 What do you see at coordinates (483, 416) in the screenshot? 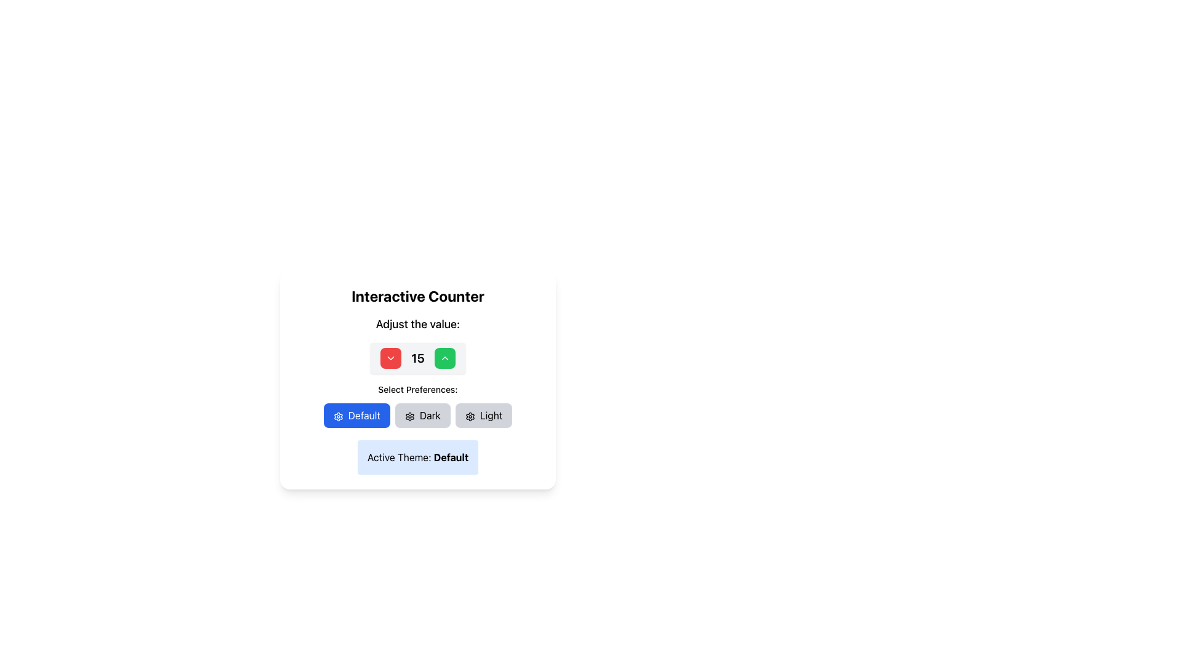
I see `the 'Light' theme button located at the bottom-right corner of the 'Select Preferences' card section` at bounding box center [483, 416].